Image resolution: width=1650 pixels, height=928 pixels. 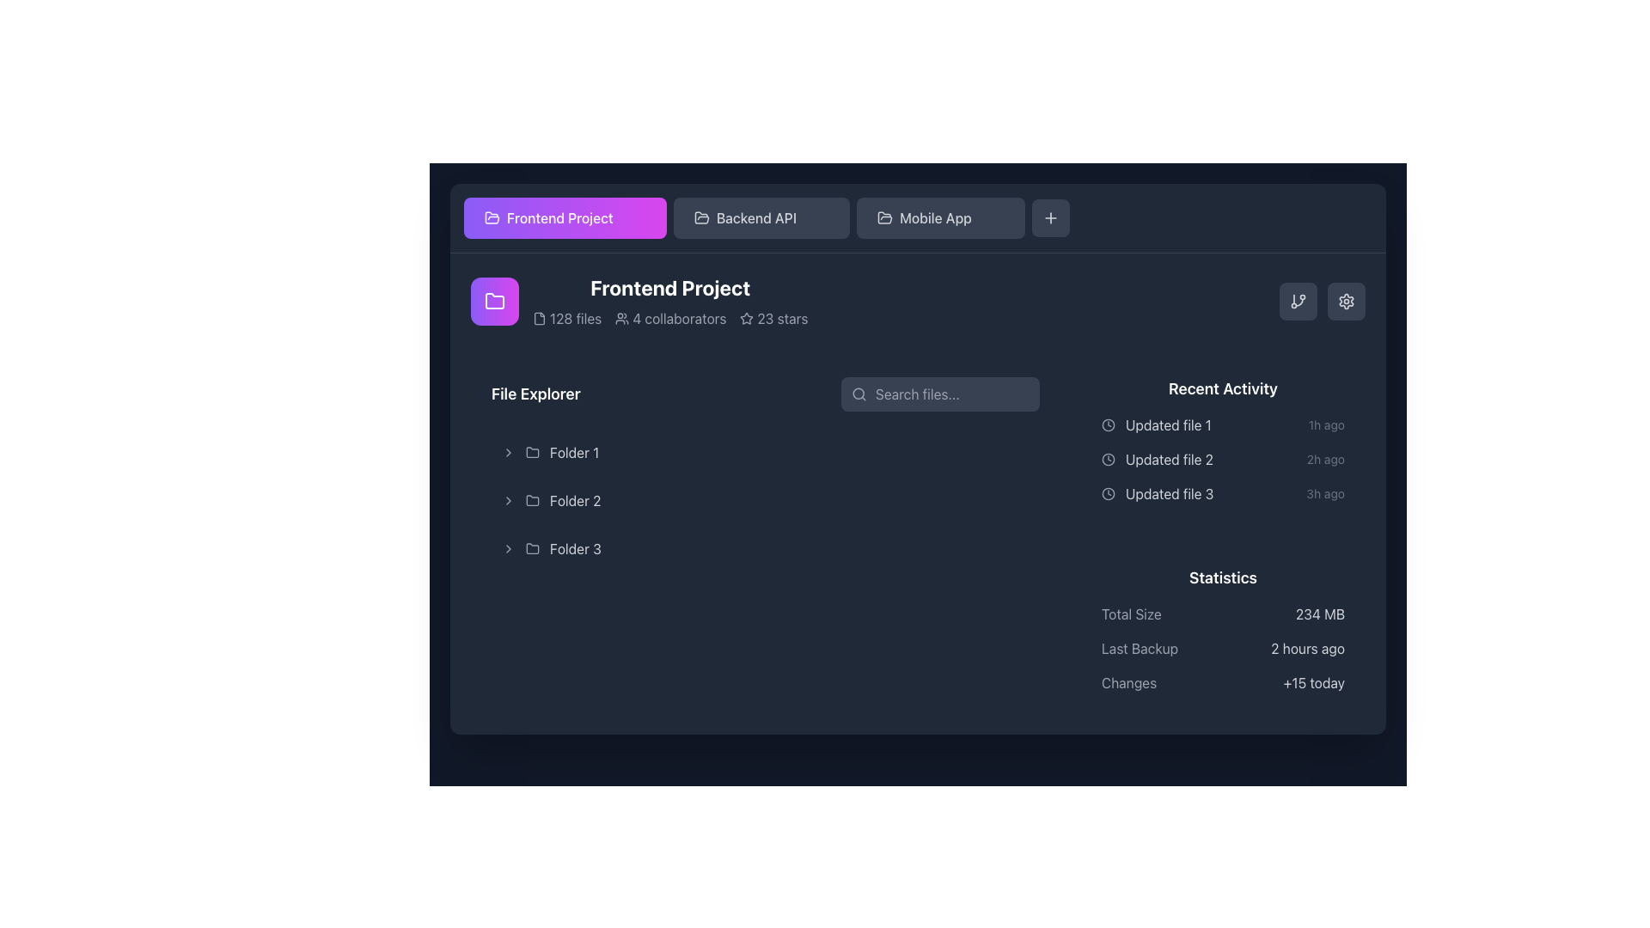 I want to click on the 'Mobile App' text label located in the third tab of the navigation header, so click(x=935, y=217).